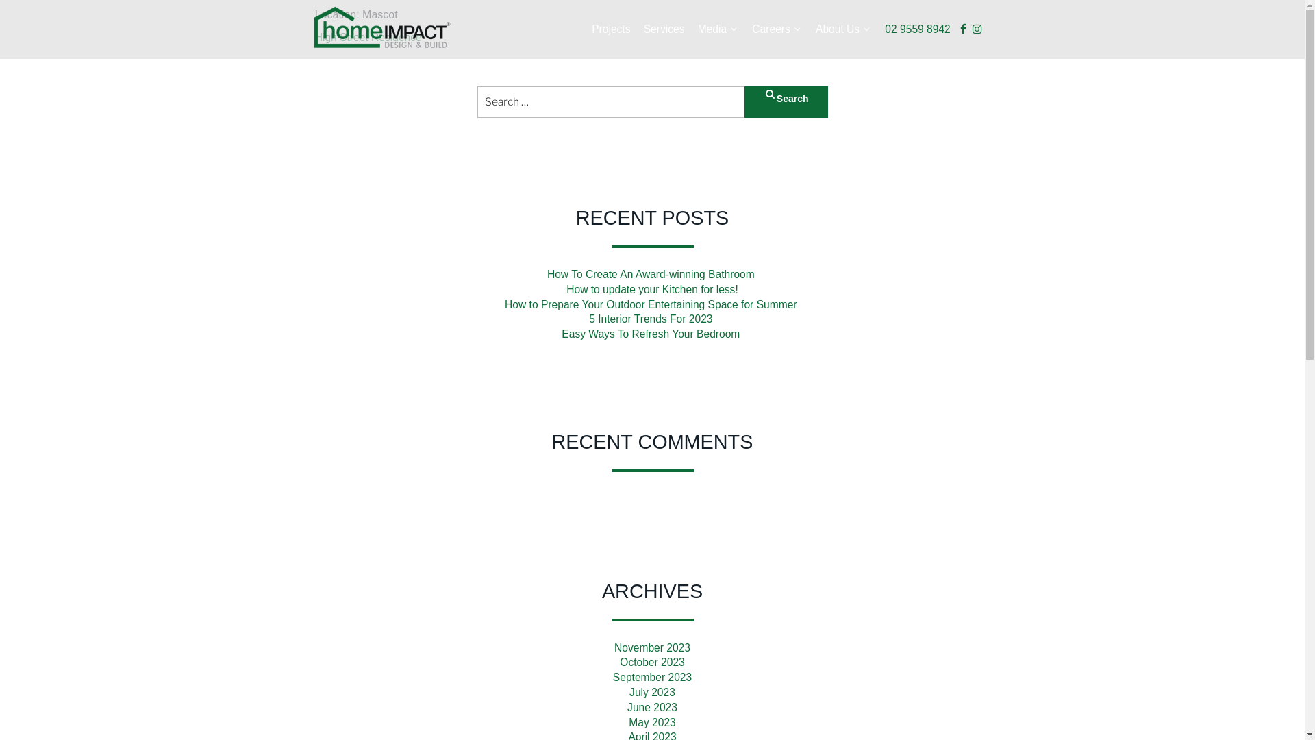 The width and height of the screenshot is (1315, 740). I want to click on 'Projects', so click(610, 29).